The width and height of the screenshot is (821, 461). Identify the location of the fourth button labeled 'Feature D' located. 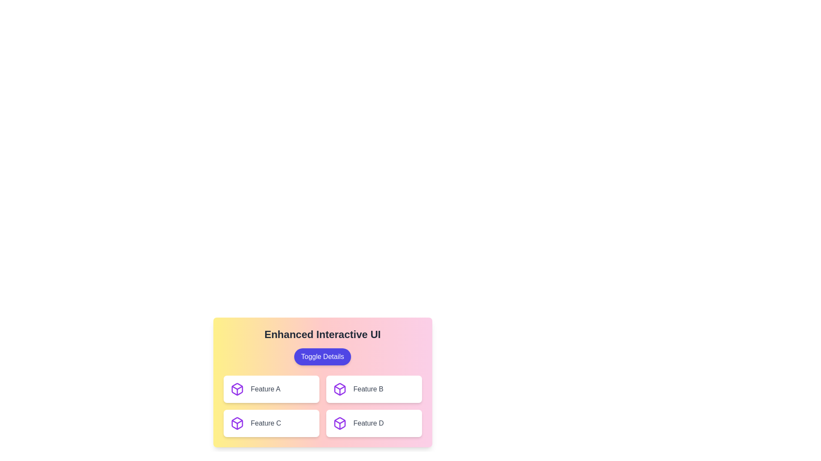
(374, 423).